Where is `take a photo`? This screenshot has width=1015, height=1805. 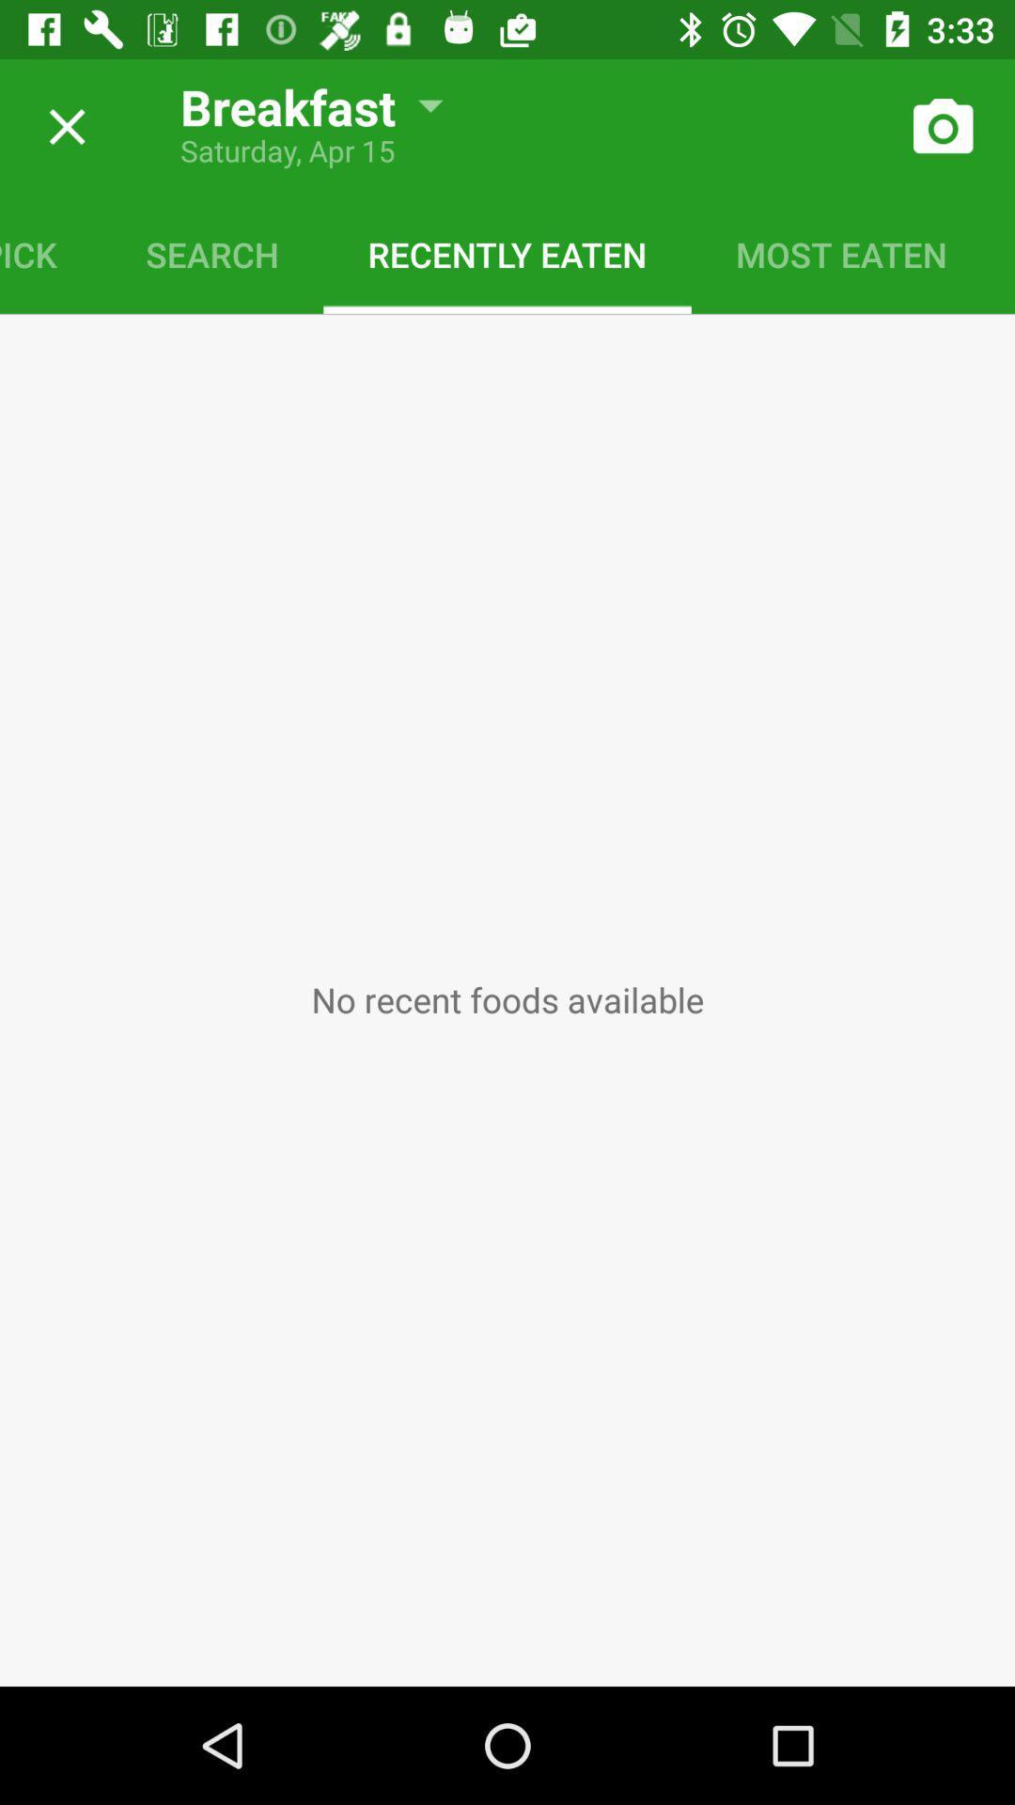 take a photo is located at coordinates (942, 126).